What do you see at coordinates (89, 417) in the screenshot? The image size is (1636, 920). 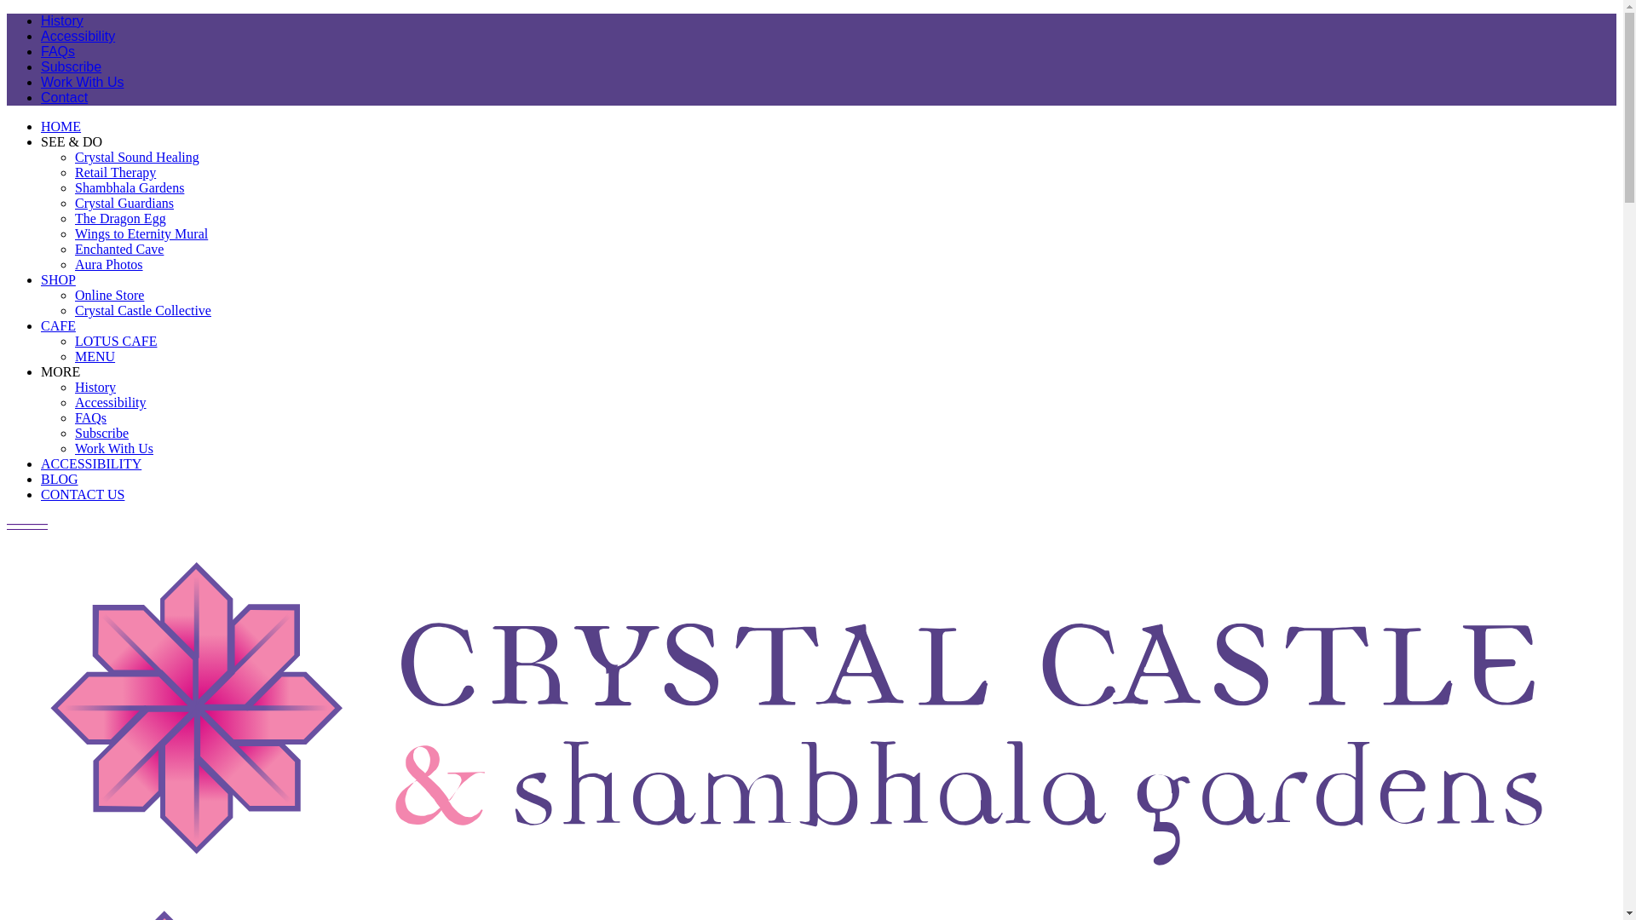 I see `'FAQs'` at bounding box center [89, 417].